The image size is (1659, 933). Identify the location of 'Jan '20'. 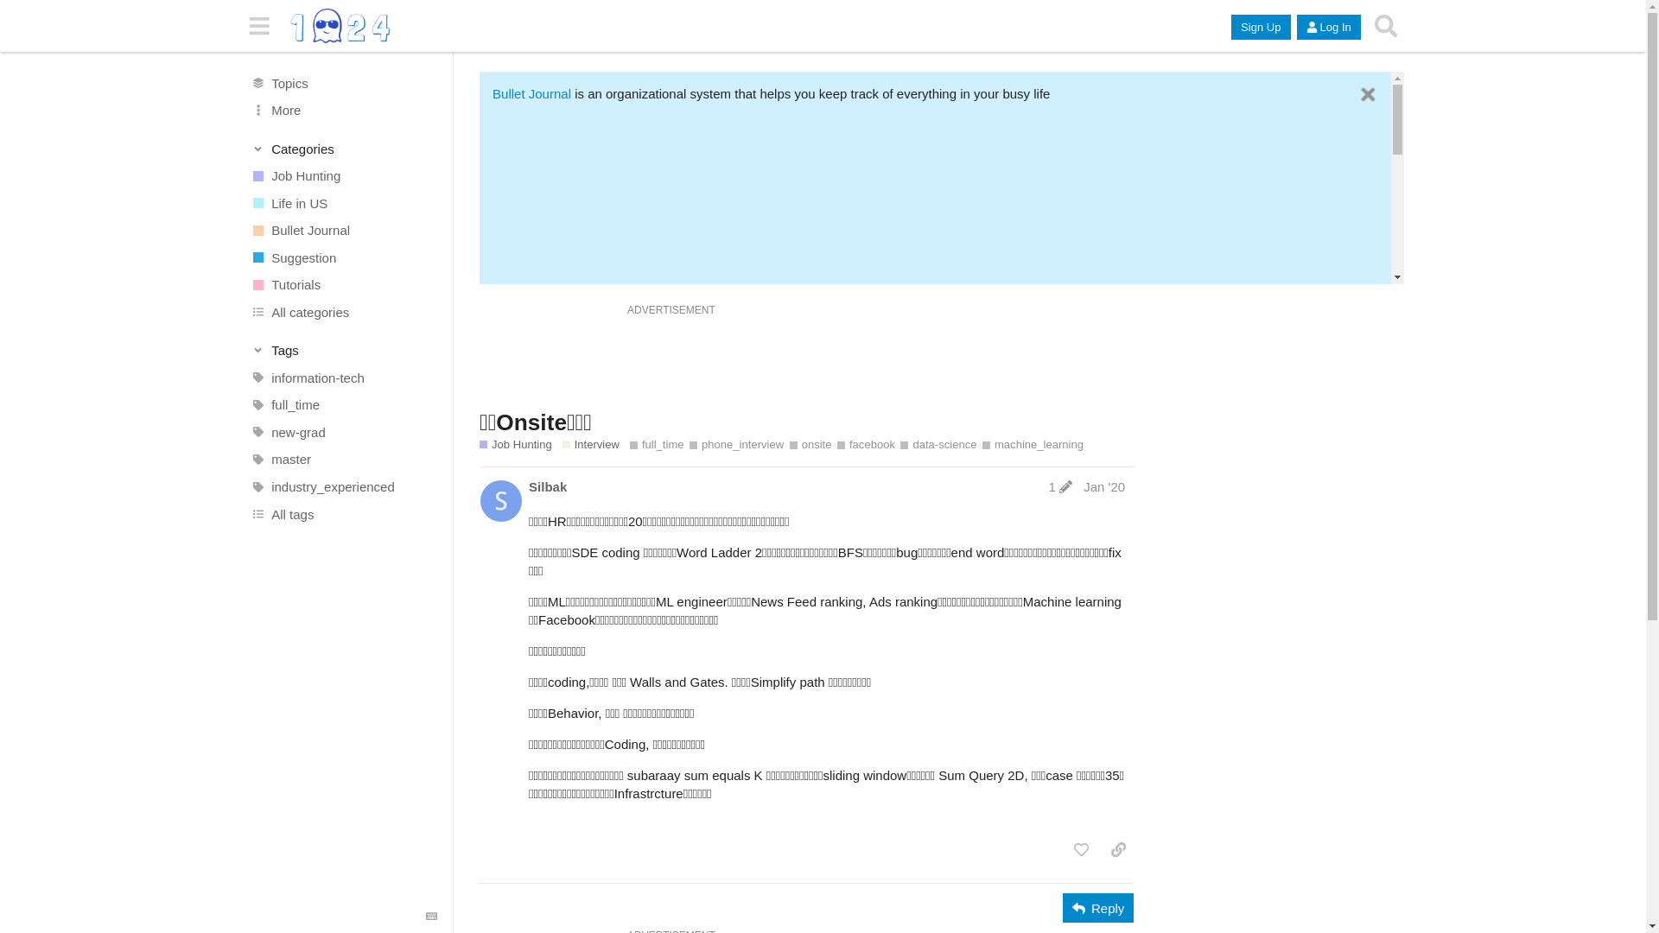
(1103, 486).